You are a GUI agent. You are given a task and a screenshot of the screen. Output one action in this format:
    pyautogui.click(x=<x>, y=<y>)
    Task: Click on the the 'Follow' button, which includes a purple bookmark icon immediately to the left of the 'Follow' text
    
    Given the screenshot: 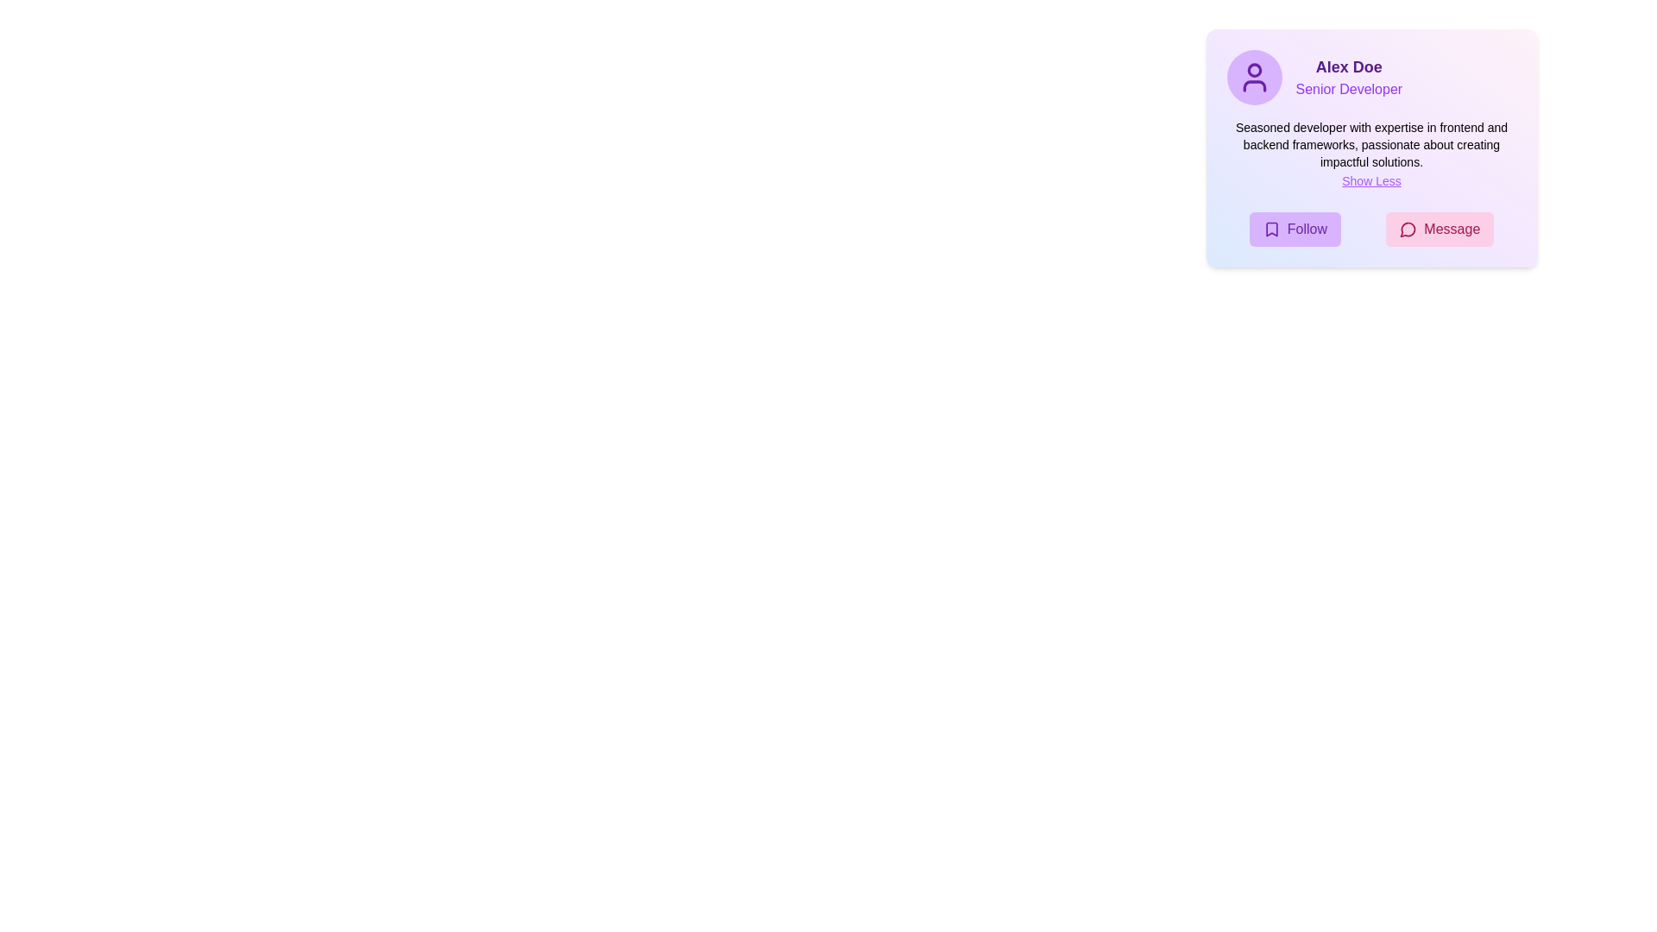 What is the action you would take?
    pyautogui.click(x=1271, y=229)
    